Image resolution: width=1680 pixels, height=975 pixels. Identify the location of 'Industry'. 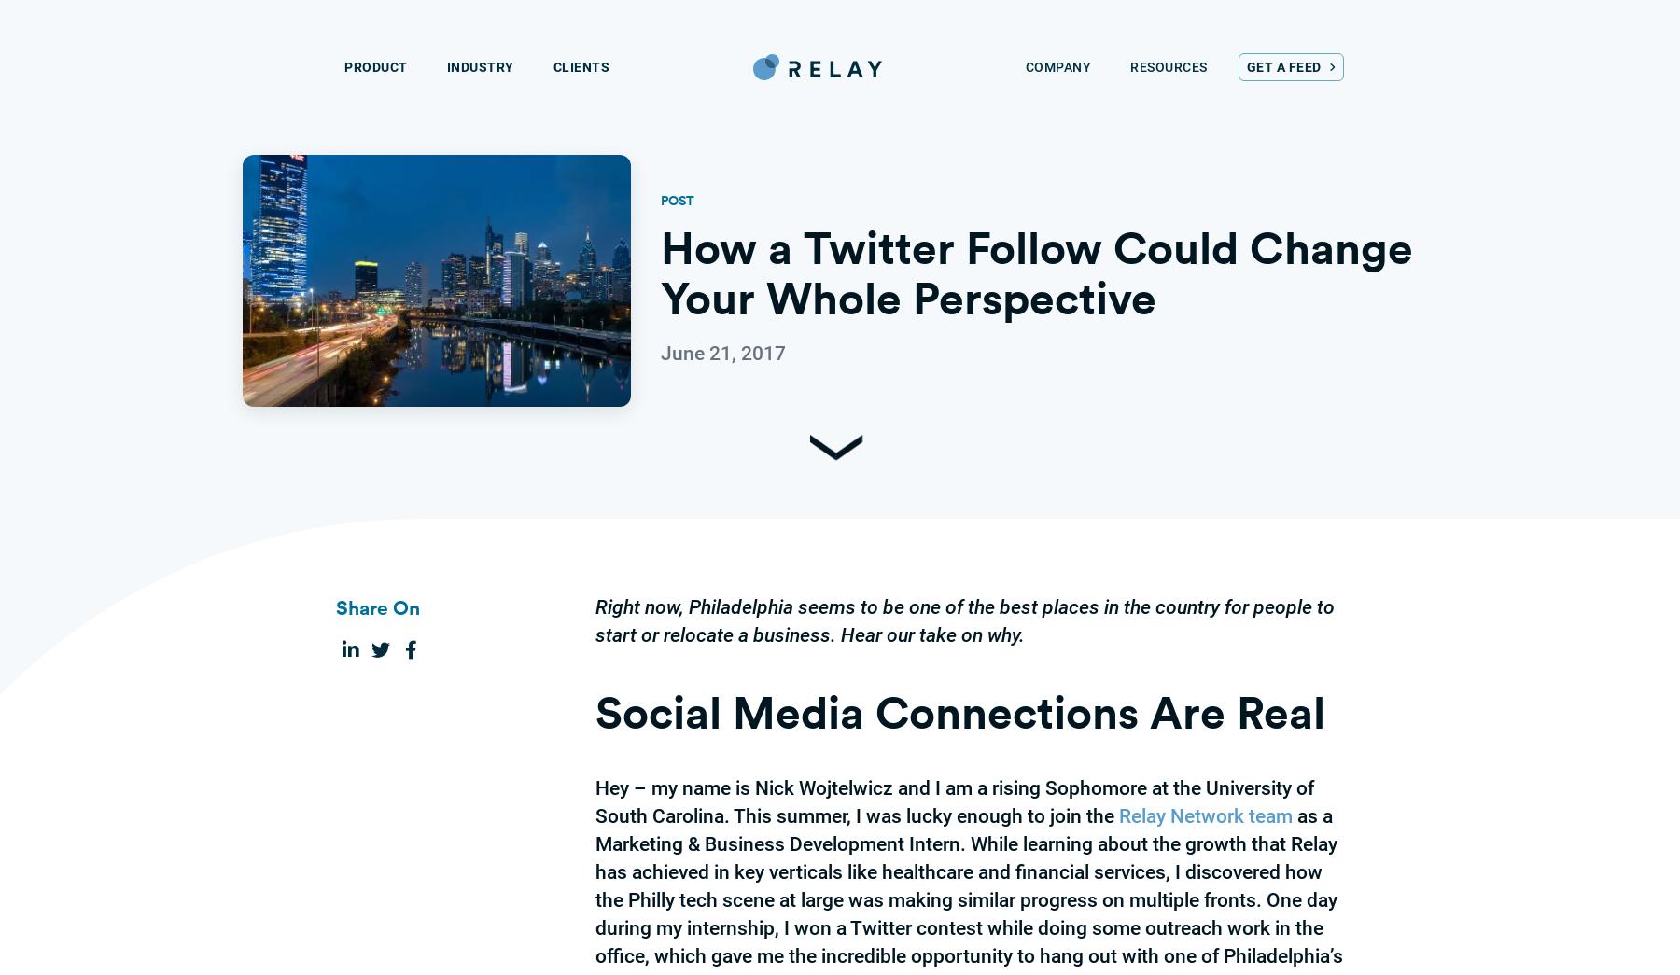
(479, 67).